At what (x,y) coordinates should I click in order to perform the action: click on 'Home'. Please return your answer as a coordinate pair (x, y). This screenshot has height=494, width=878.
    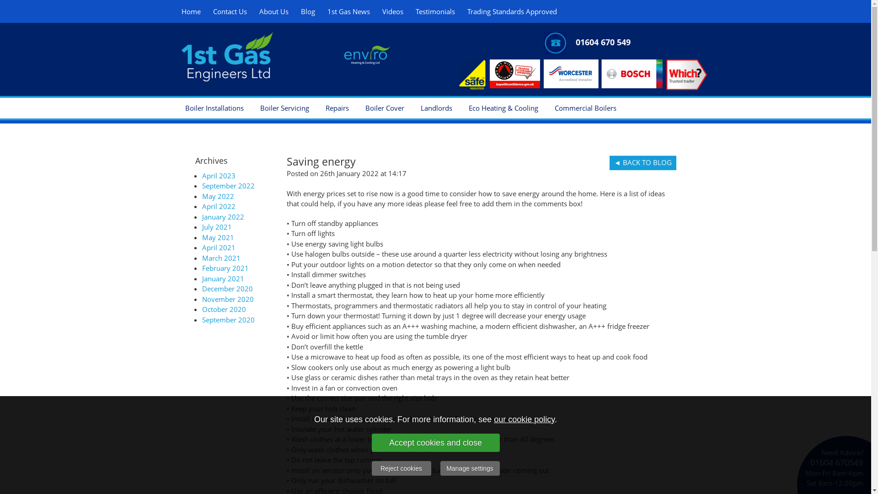
    Looking at the image, I should click on (190, 11).